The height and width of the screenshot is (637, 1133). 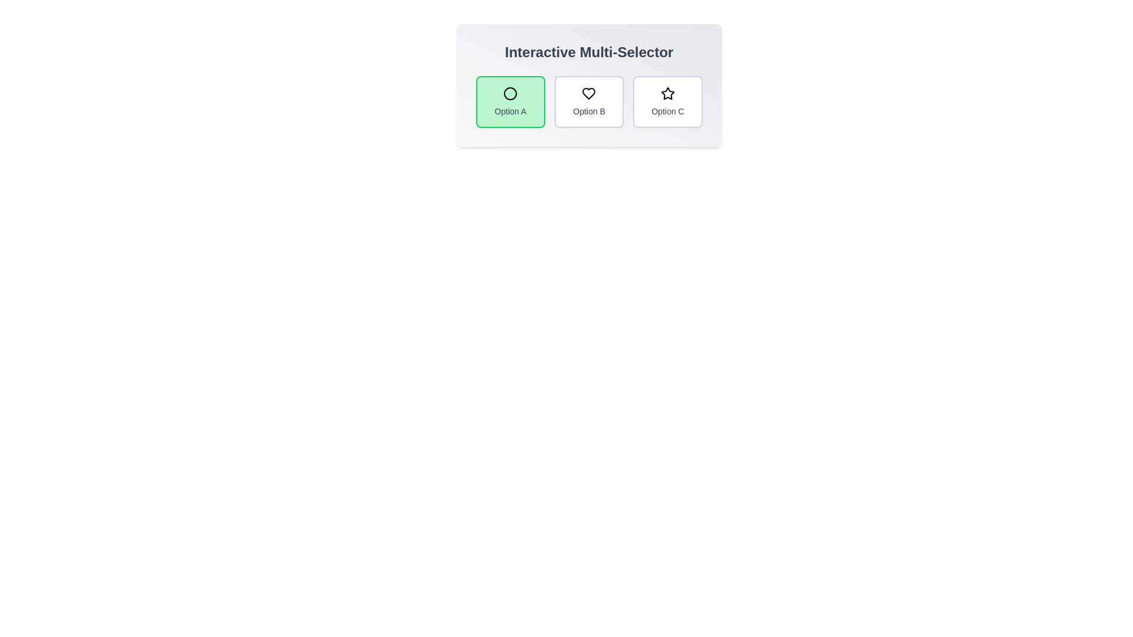 What do you see at coordinates (667, 101) in the screenshot?
I see `the button labeled Option C` at bounding box center [667, 101].